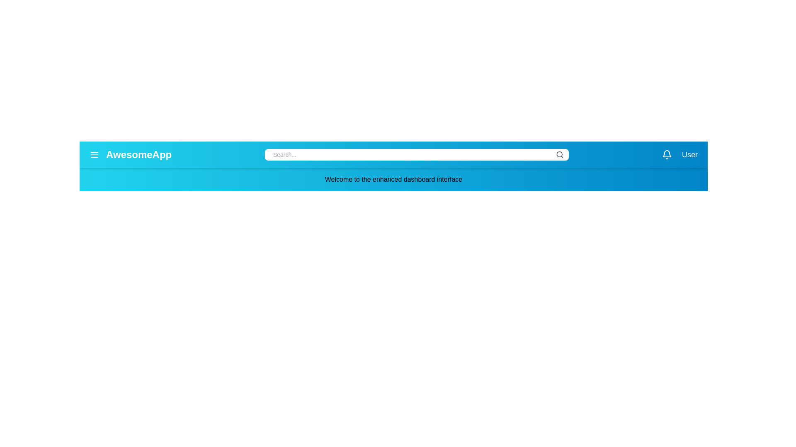 Image resolution: width=796 pixels, height=447 pixels. What do you see at coordinates (130, 155) in the screenshot?
I see `the bold, white-colored text label displaying 'AwesomeApp'` at bounding box center [130, 155].